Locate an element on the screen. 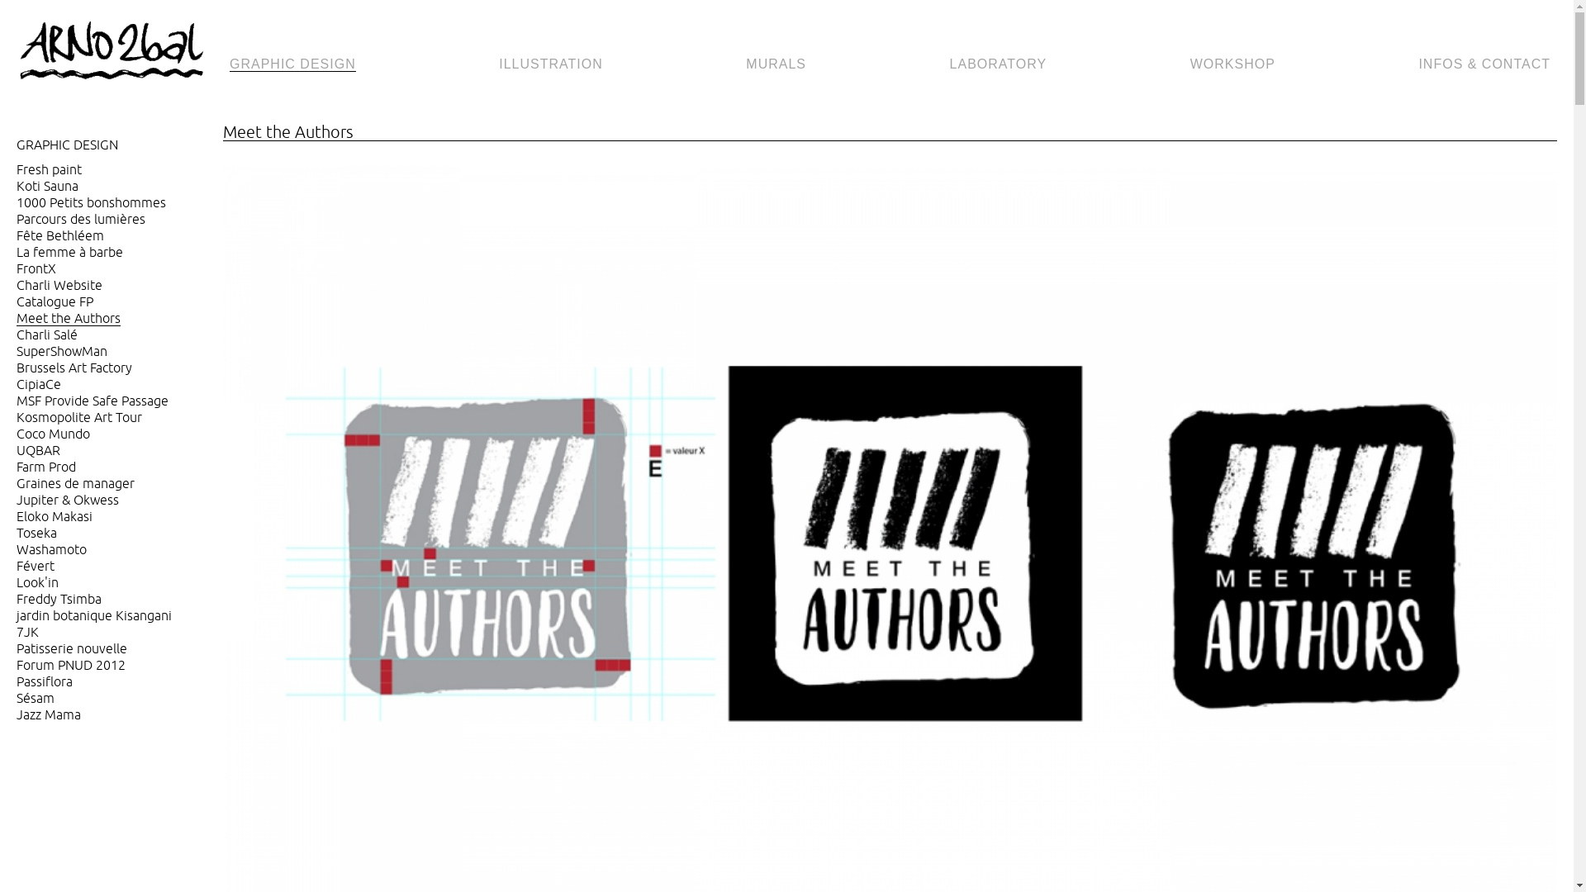 The height and width of the screenshot is (892, 1586). 'Catalogue FP' is located at coordinates (55, 301).